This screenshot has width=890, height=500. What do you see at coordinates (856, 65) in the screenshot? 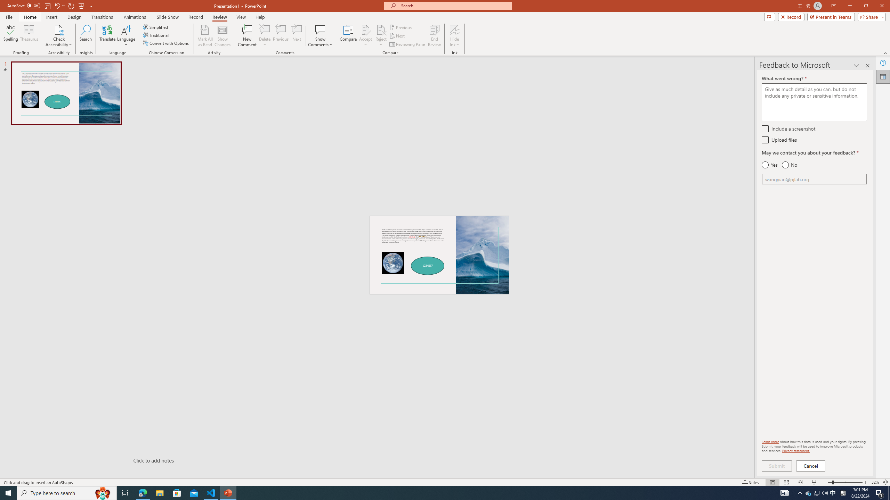
I see `'Task Pane Options'` at bounding box center [856, 65].